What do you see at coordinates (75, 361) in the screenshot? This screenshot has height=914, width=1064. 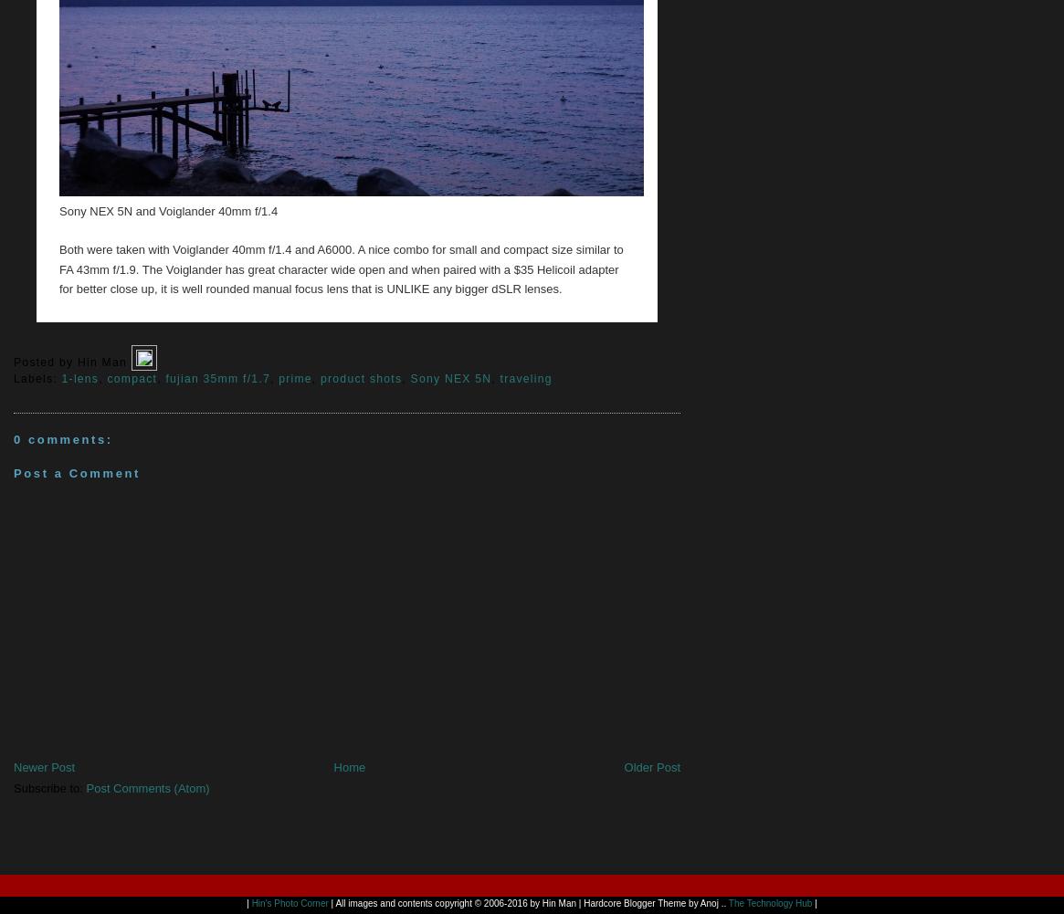 I see `'Hin Man'` at bounding box center [75, 361].